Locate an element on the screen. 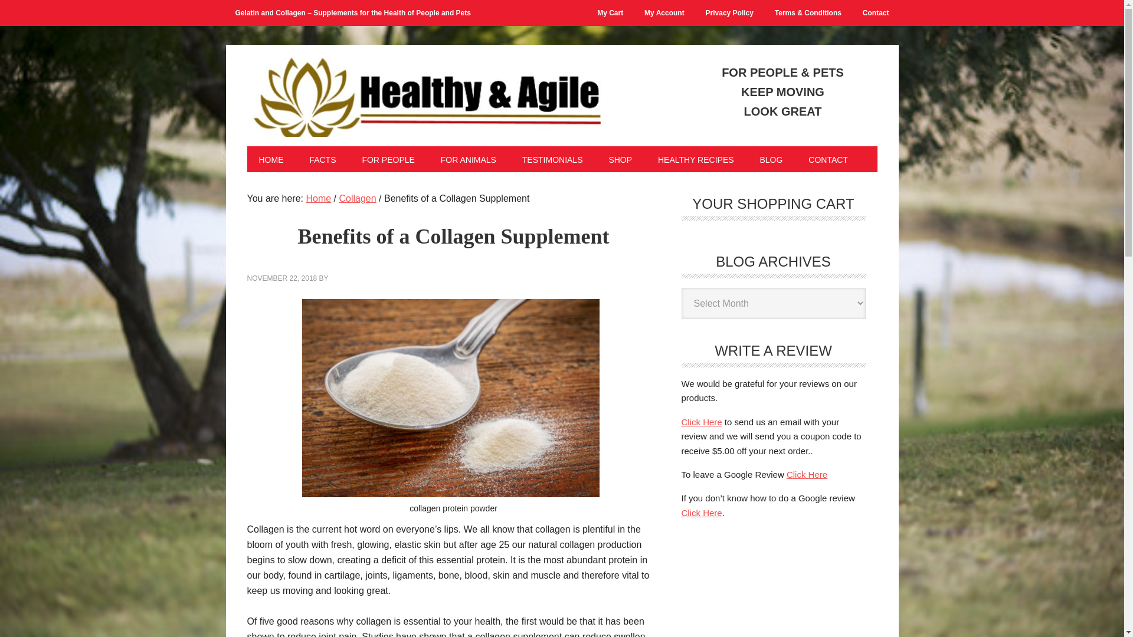 Image resolution: width=1133 pixels, height=637 pixels. 'HOME' is located at coordinates (270, 159).